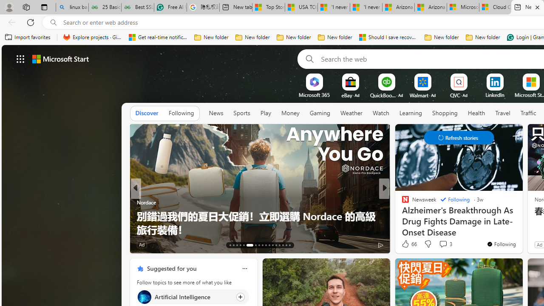  I want to click on 'Health', so click(476, 113).